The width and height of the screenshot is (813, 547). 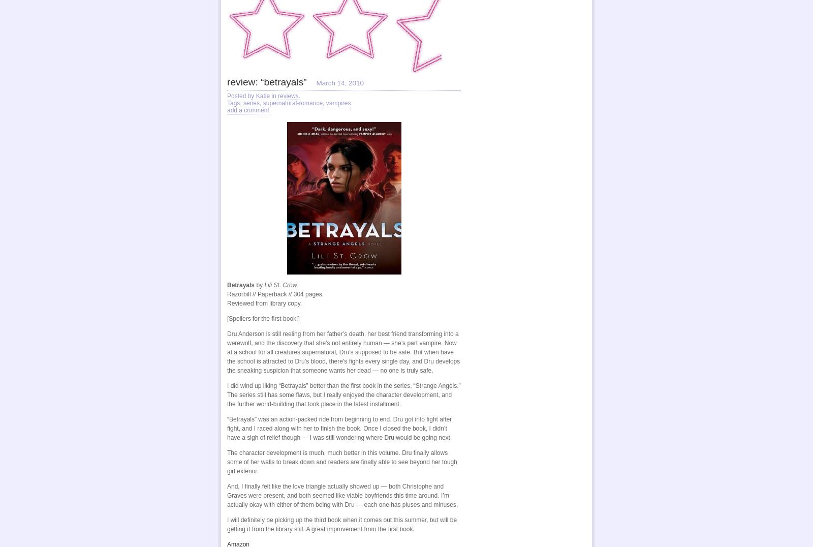 What do you see at coordinates (339, 428) in the screenshot?
I see `'“Betrayals” was an action-packed ride from beginning to end. Dru got into fight after fight, and I raced along with her to finish the book. Once I closed the book, I didn’t have a sigh of relief though — I was still wondering where Dru would be going next.'` at bounding box center [339, 428].